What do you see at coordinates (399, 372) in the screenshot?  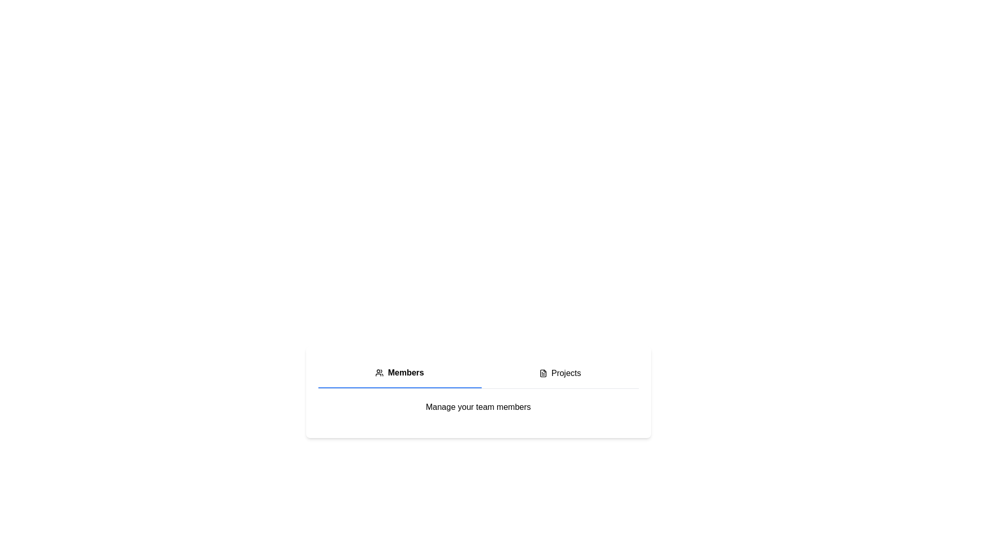 I see `the 'Members' text label with icon located in the top navigation bar, positioned centrally among sibling items` at bounding box center [399, 372].